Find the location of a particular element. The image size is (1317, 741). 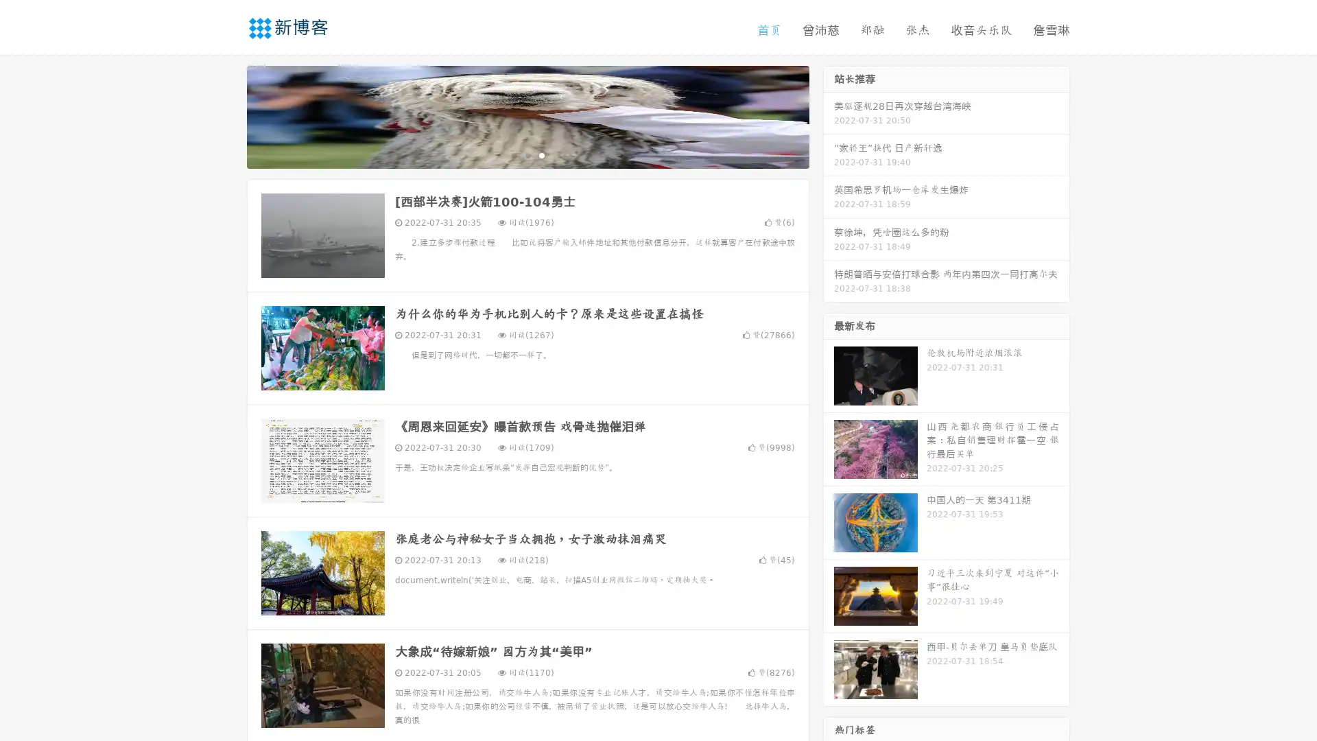

Go to slide 1 is located at coordinates (513, 154).